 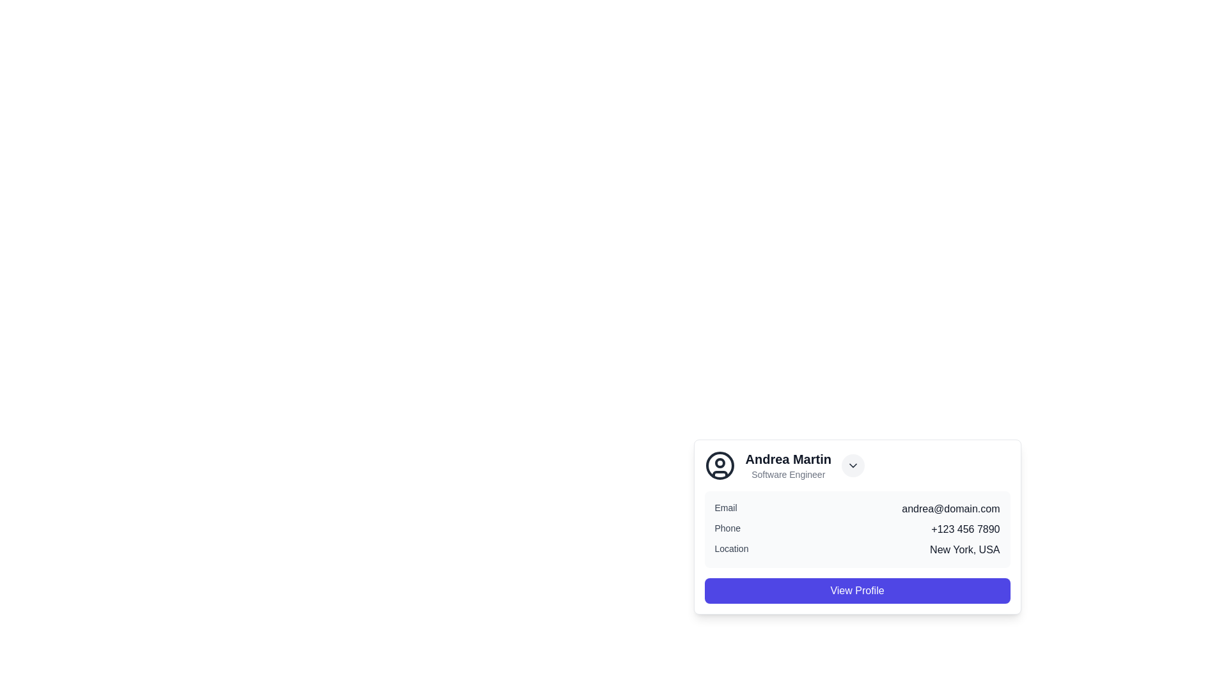 I want to click on the downward-pointing chevron icon button located, so click(x=853, y=466).